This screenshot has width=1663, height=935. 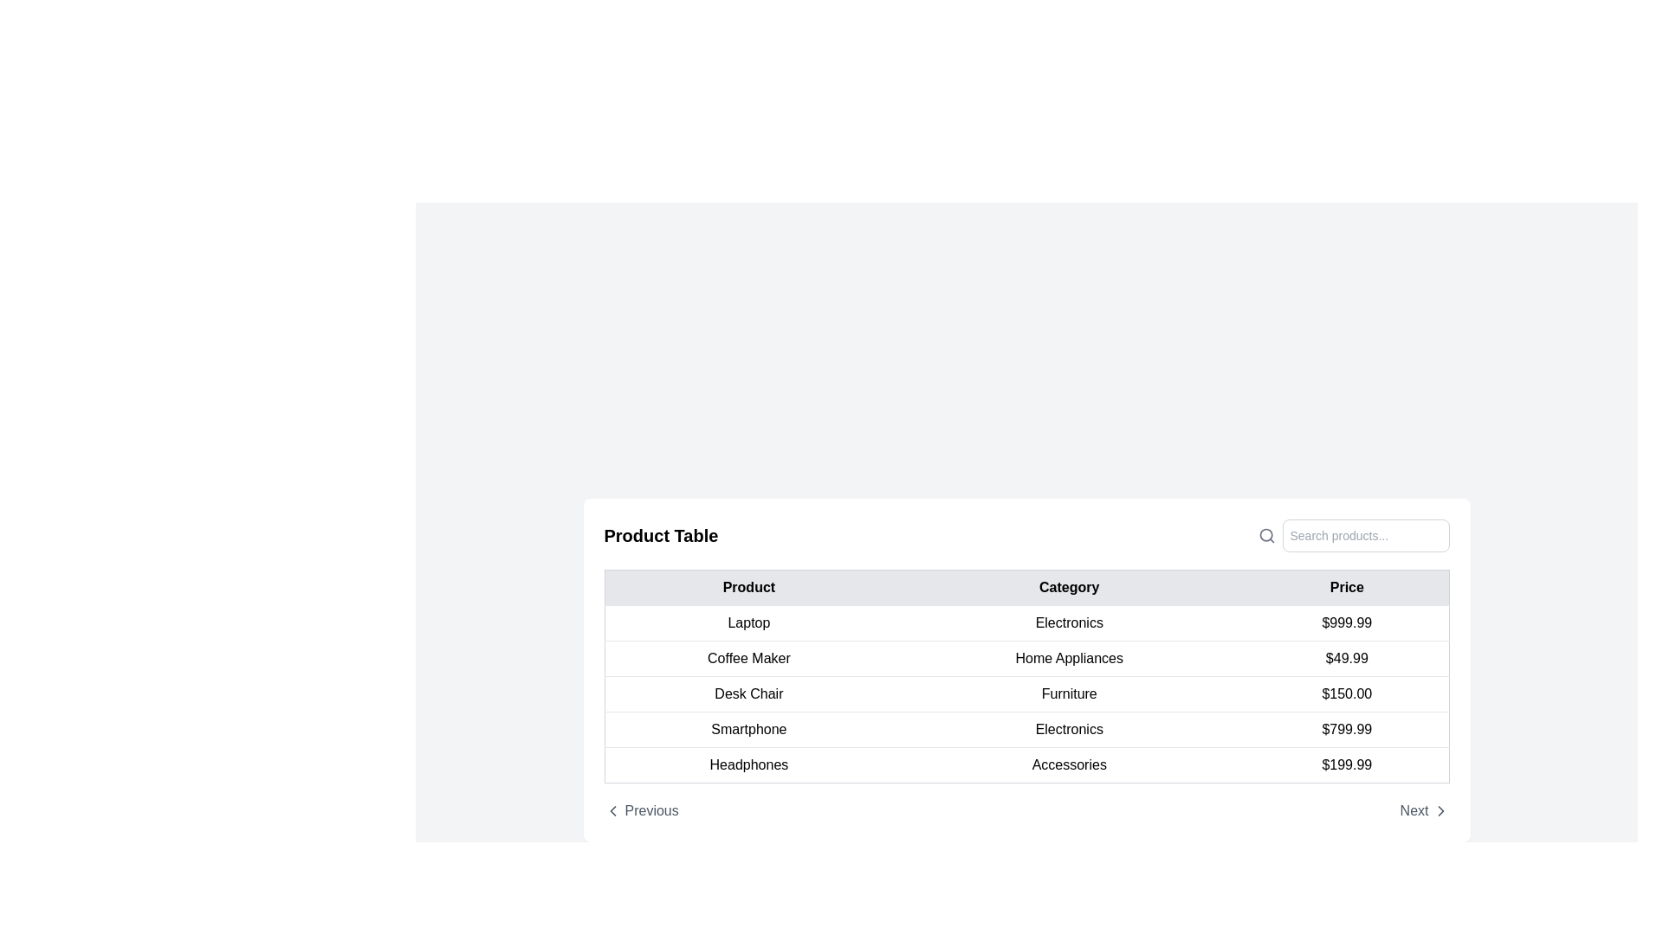 I want to click on the Navigation bar at the bottom of the content panel, so click(x=1026, y=810).